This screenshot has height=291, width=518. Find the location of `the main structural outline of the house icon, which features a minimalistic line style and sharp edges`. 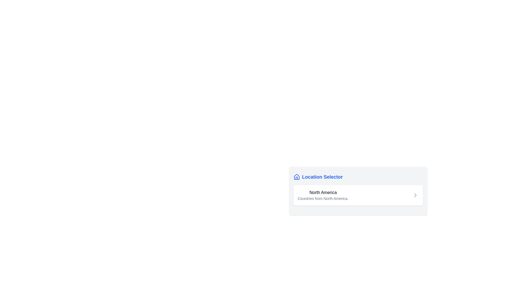

the main structural outline of the house icon, which features a minimalistic line style and sharp edges is located at coordinates (296, 177).